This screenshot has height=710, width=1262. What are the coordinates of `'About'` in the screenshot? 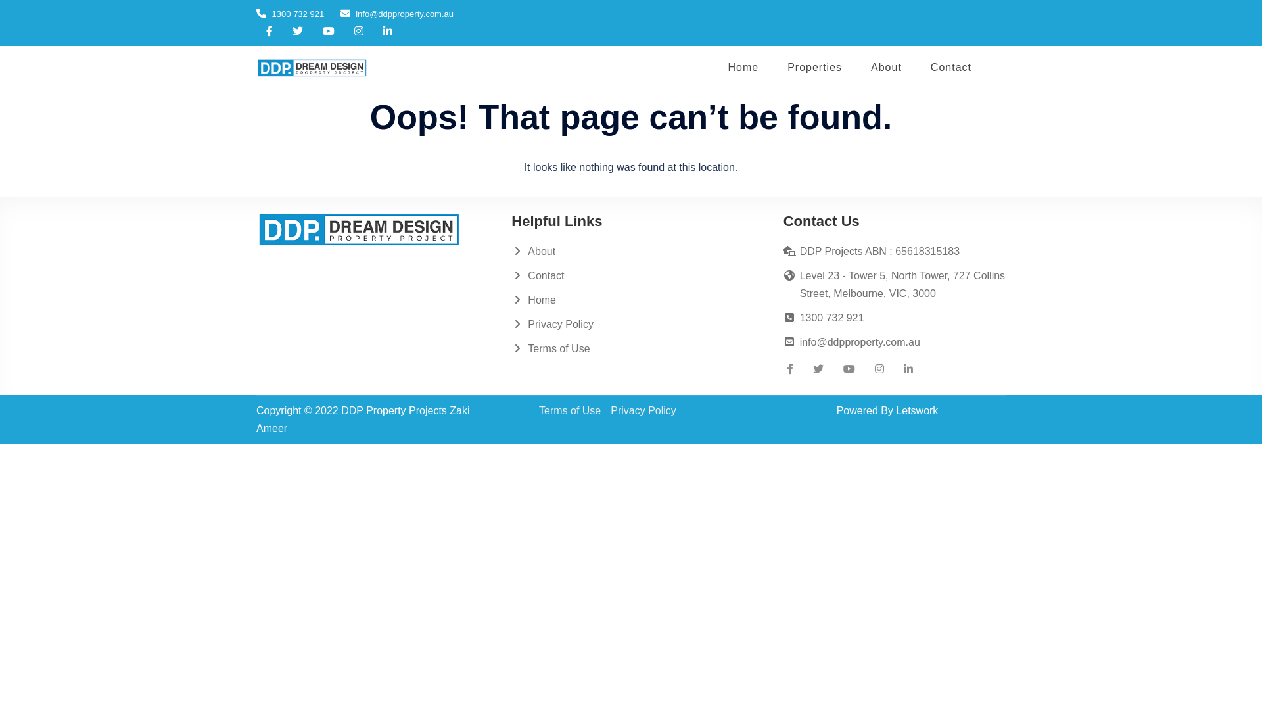 It's located at (542, 251).